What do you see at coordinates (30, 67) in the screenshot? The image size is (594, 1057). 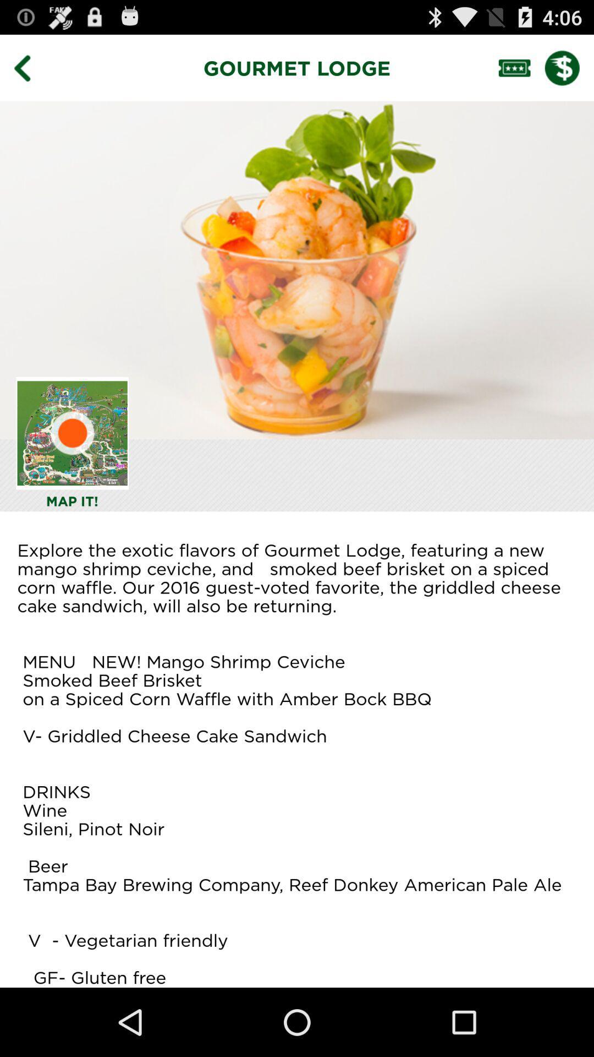 I see `previous page` at bounding box center [30, 67].